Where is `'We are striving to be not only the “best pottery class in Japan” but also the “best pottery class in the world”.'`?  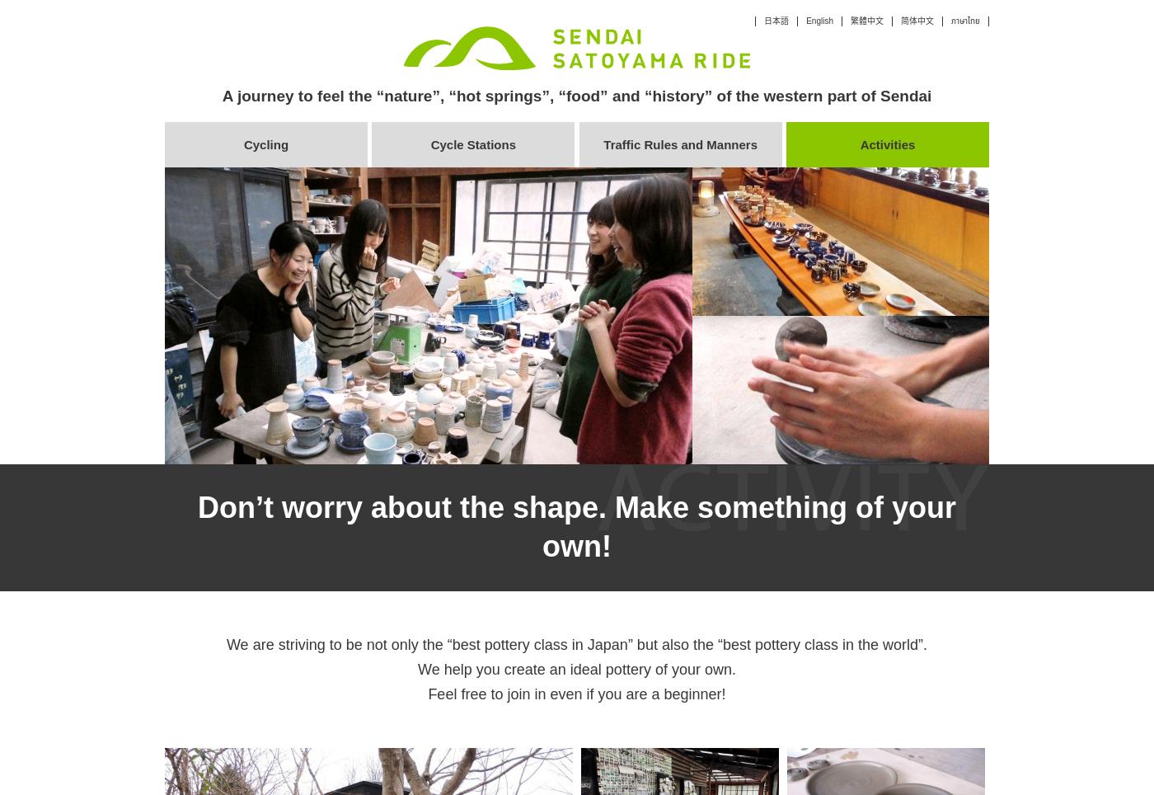
'We are striving to be not only the “best pottery class in Japan” but also the “best pottery class in the world”.' is located at coordinates (576, 644).